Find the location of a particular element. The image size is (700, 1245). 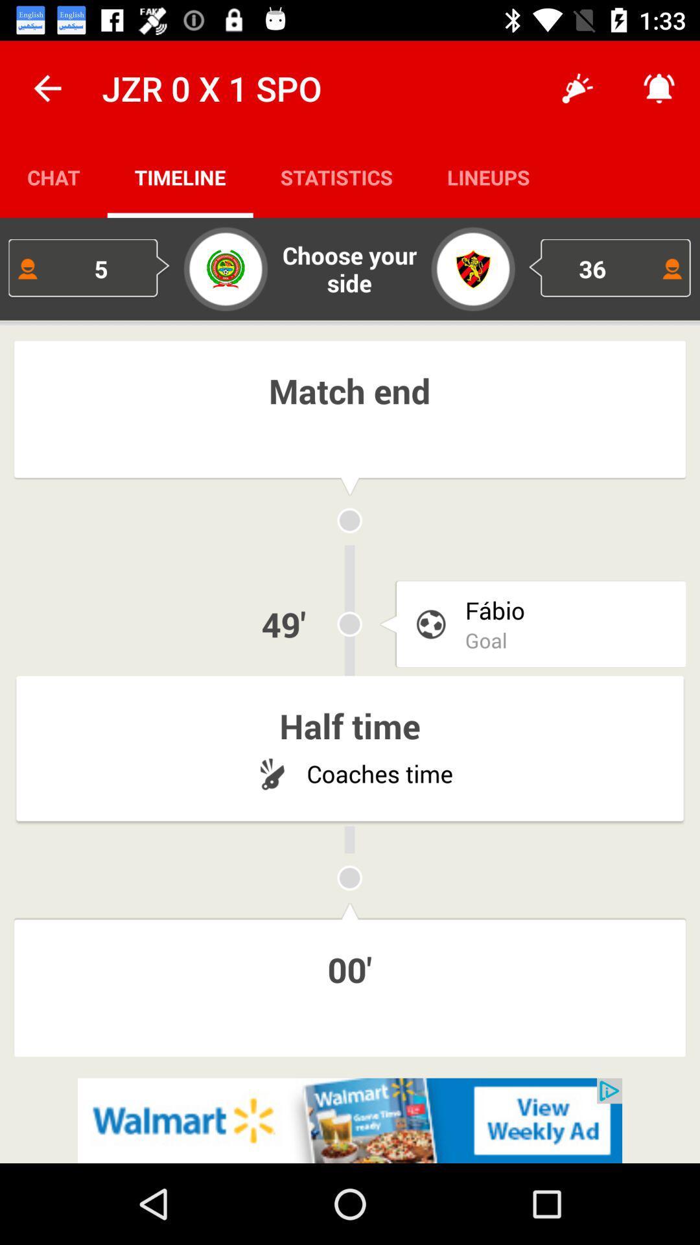

advertisement display is located at coordinates (350, 1120).